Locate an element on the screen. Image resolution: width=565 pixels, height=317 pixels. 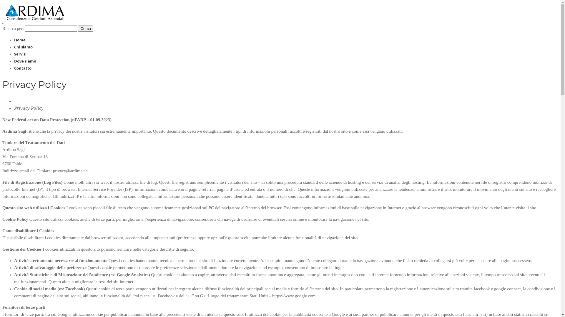
'Home' is located at coordinates (20, 40).